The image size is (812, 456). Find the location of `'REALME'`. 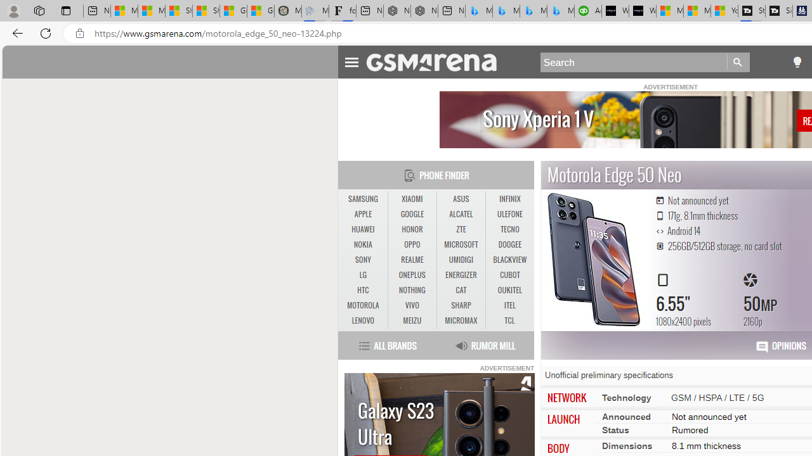

'REALME' is located at coordinates (412, 260).